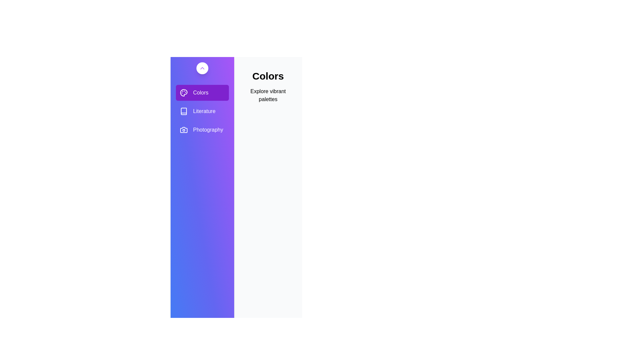 This screenshot has width=636, height=358. I want to click on button with the arrow icon to toggle the drawer, so click(202, 68).